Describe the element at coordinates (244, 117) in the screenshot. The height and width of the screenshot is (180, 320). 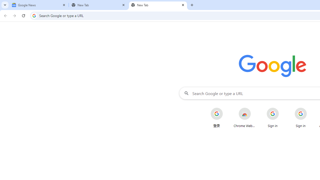
I see `'Chrome Web Store'` at that location.